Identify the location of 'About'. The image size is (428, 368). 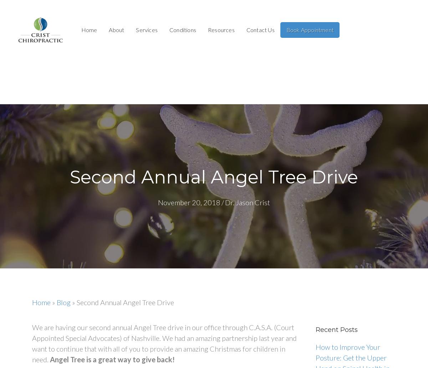
(116, 30).